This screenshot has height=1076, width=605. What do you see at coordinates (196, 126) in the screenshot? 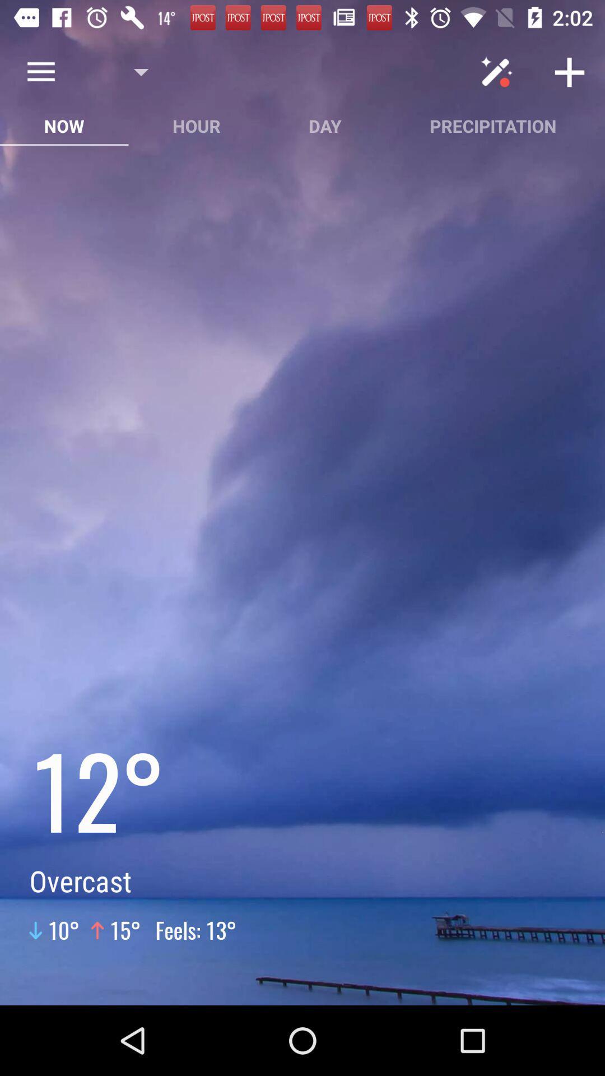
I see `hour button between now and day` at bounding box center [196, 126].